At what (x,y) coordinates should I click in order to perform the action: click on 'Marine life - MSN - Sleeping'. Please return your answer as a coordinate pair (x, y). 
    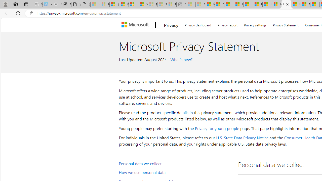
    Looking at the image, I should click on (200, 4).